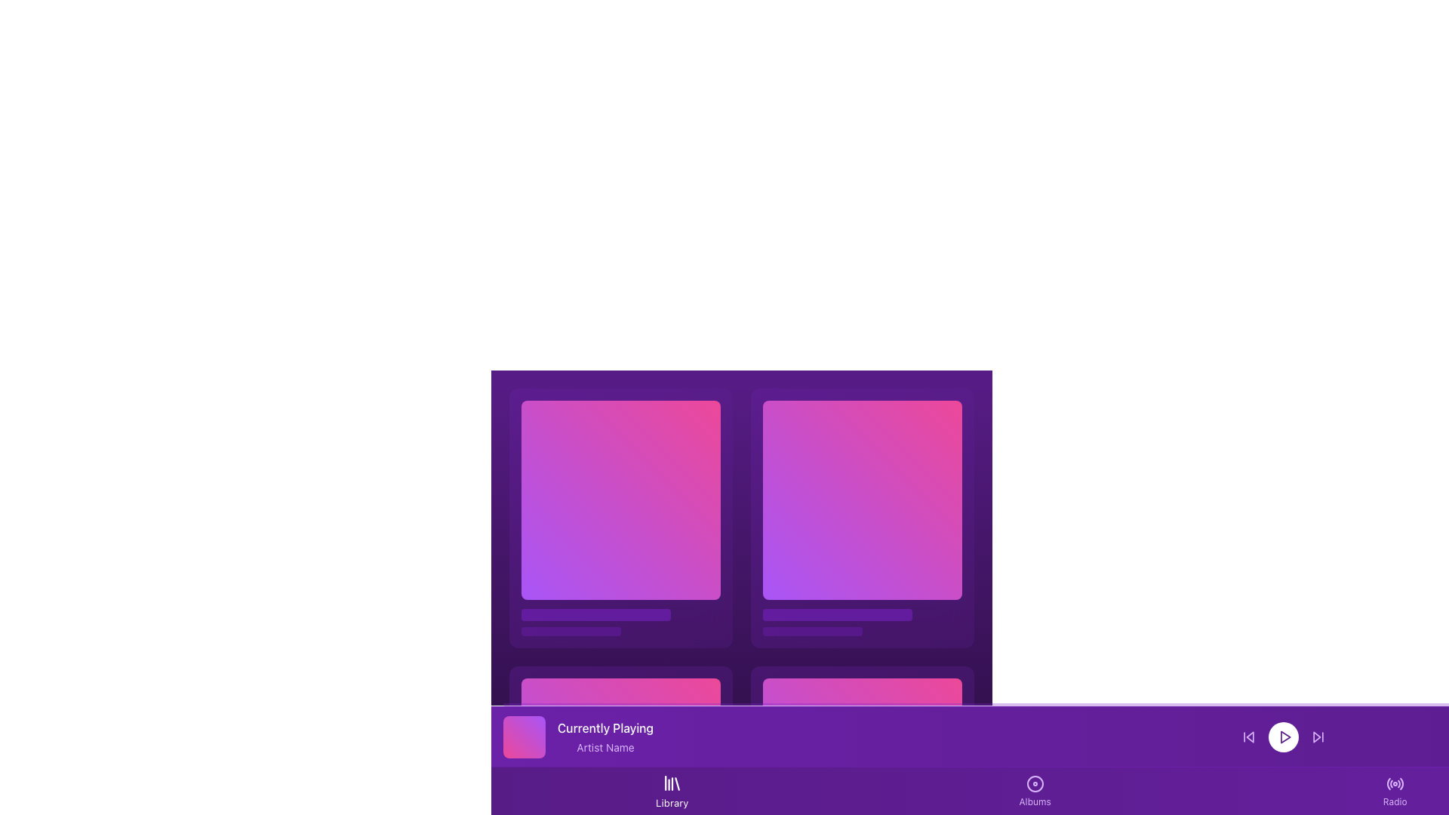  I want to click on the 'Albums' icon located on the bottom navigation bar, positioned above the text 'Albums', so click(1034, 783).